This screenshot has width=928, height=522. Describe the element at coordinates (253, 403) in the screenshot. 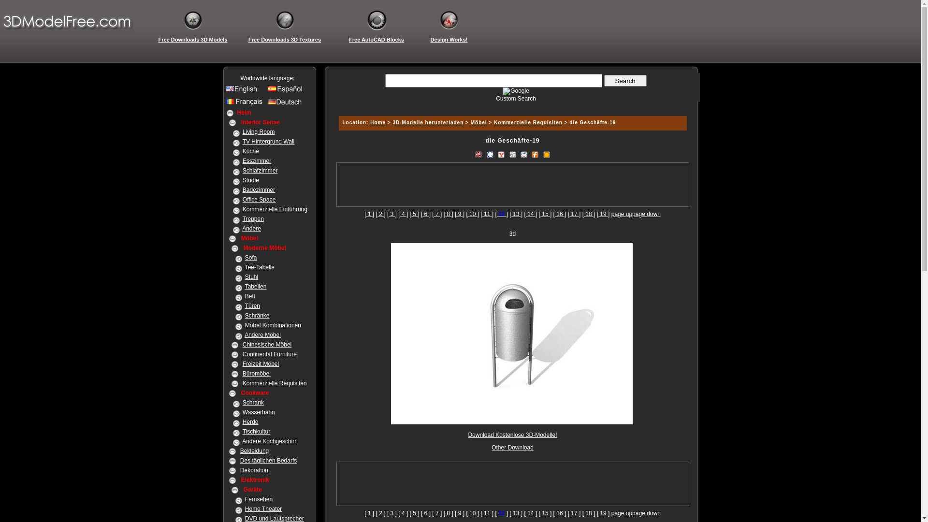

I see `'Schrank'` at that location.